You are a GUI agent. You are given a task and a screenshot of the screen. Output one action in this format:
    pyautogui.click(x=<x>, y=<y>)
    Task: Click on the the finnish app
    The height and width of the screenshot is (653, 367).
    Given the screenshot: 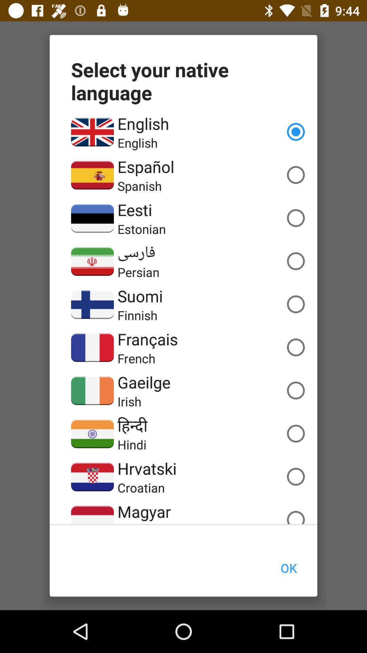 What is the action you would take?
    pyautogui.click(x=137, y=315)
    